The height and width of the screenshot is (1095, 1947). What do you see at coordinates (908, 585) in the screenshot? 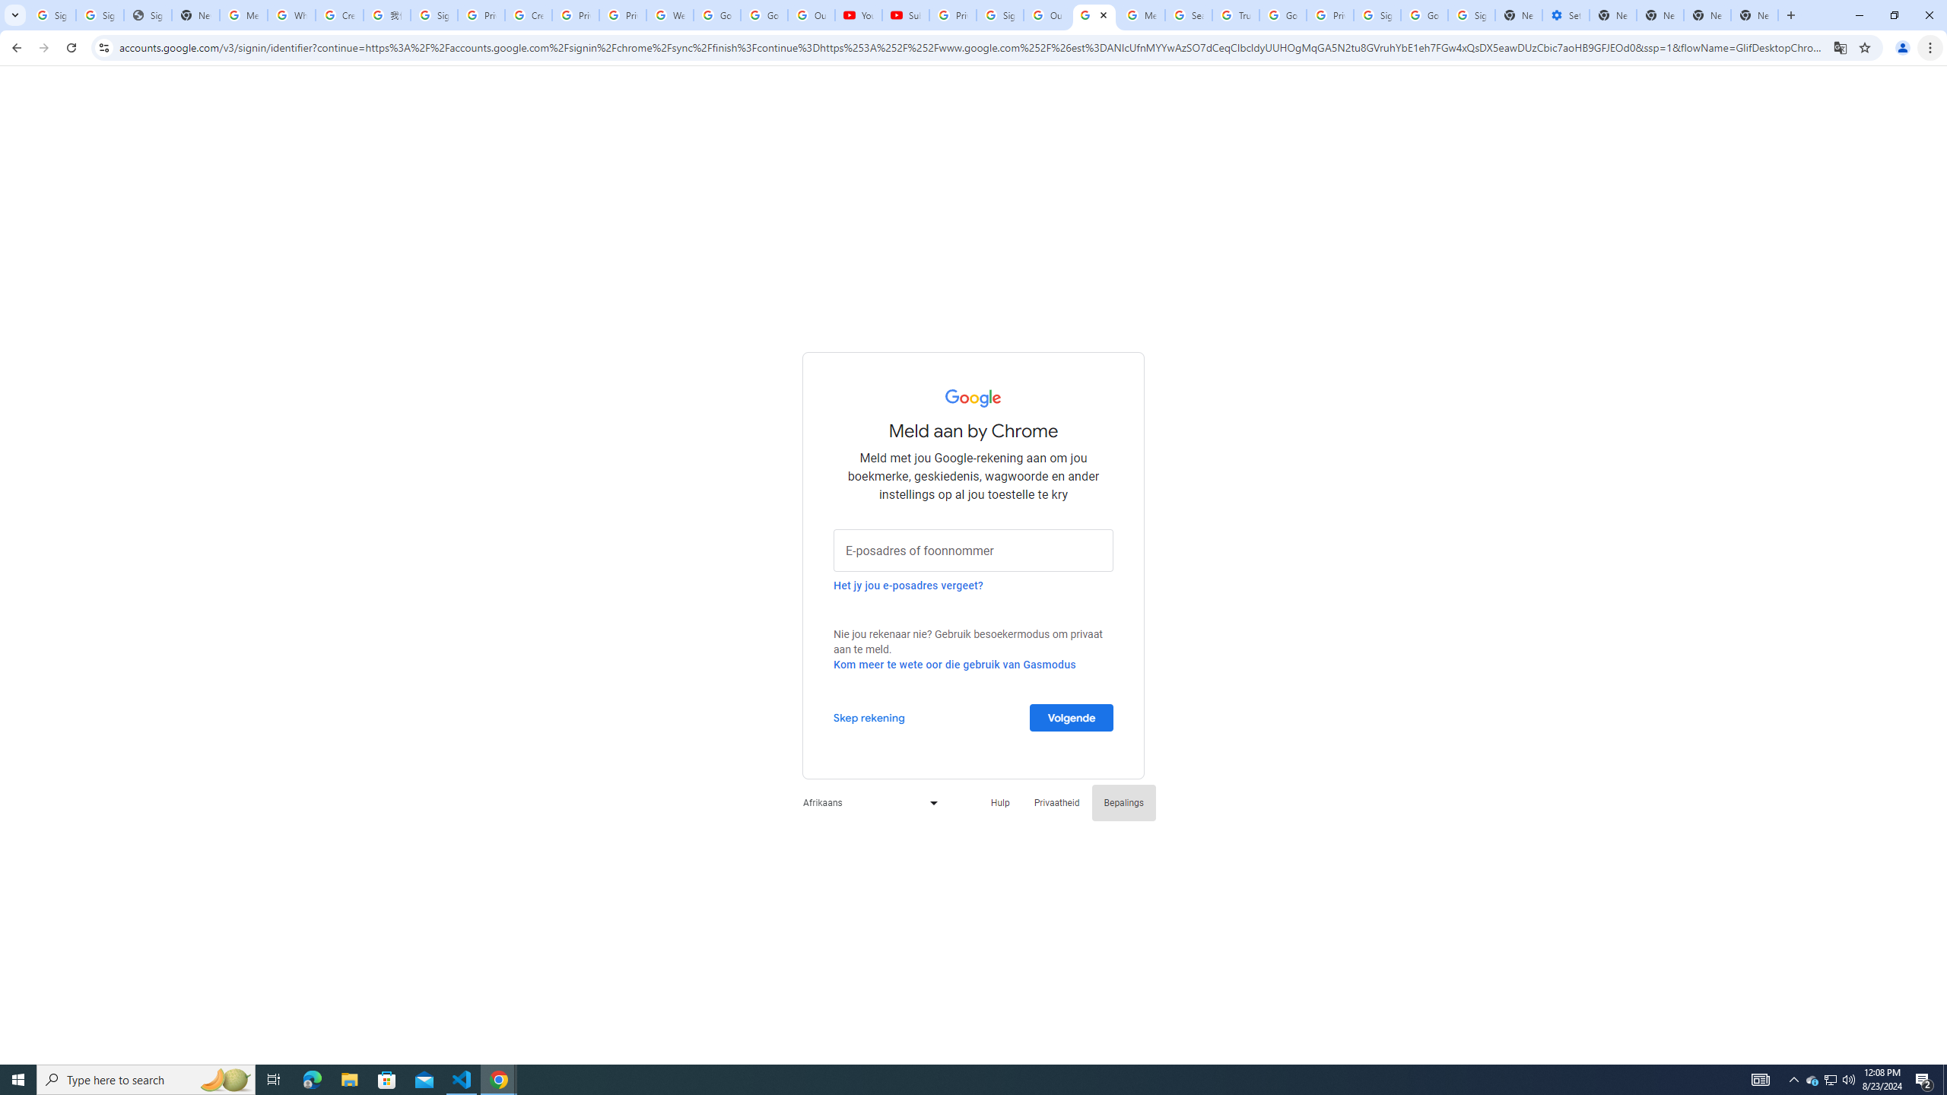
I see `'Het jy jou e-posadres vergeet?'` at bounding box center [908, 585].